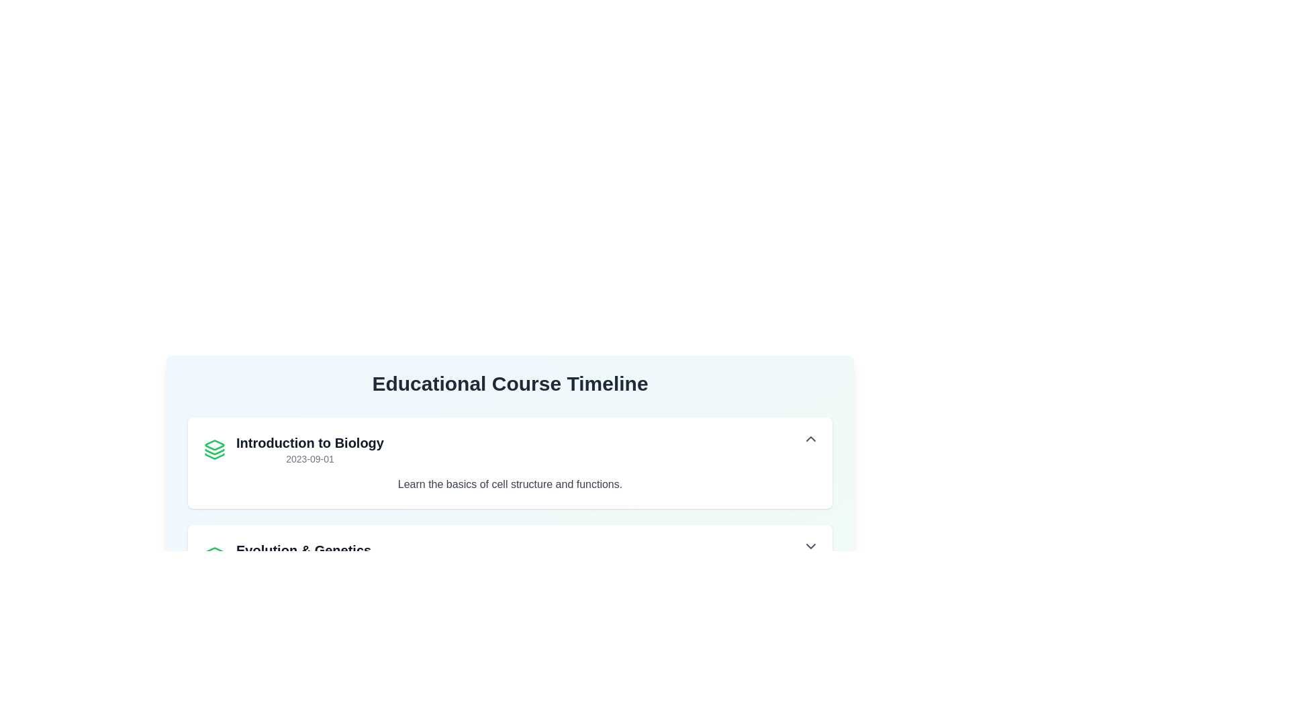 The height and width of the screenshot is (725, 1289). What do you see at coordinates (509, 383) in the screenshot?
I see `text content of the header labeled 'Educational Course Timeline', which is a large, bold text element centered at the top of the section` at bounding box center [509, 383].